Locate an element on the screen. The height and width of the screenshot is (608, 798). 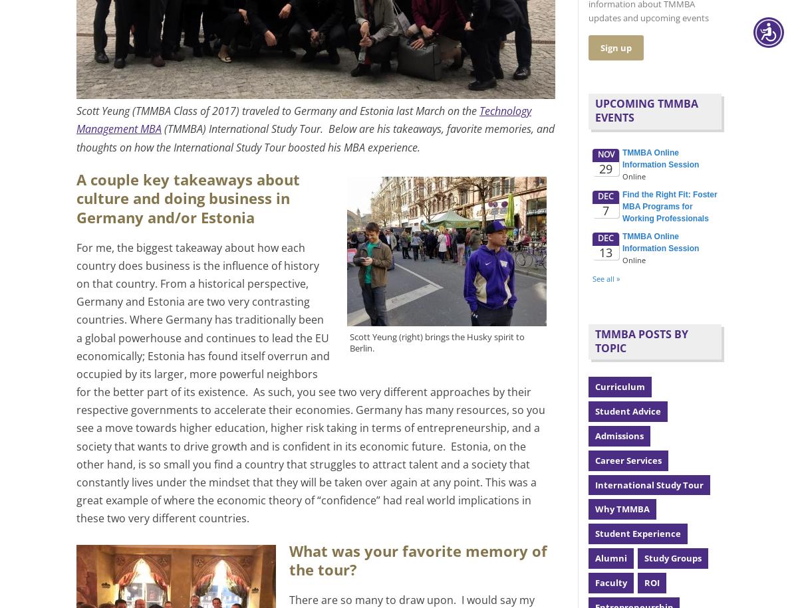
'Curriculum' is located at coordinates (620, 386).